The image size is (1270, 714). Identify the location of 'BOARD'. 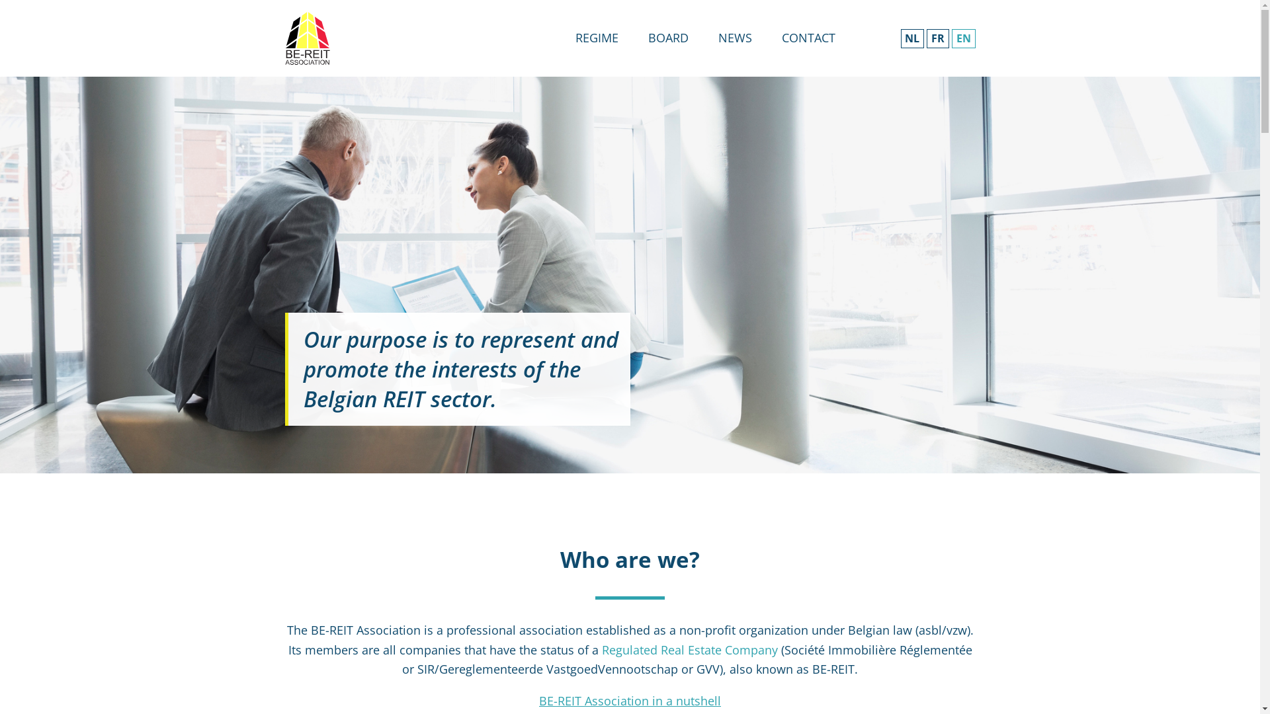
(668, 37).